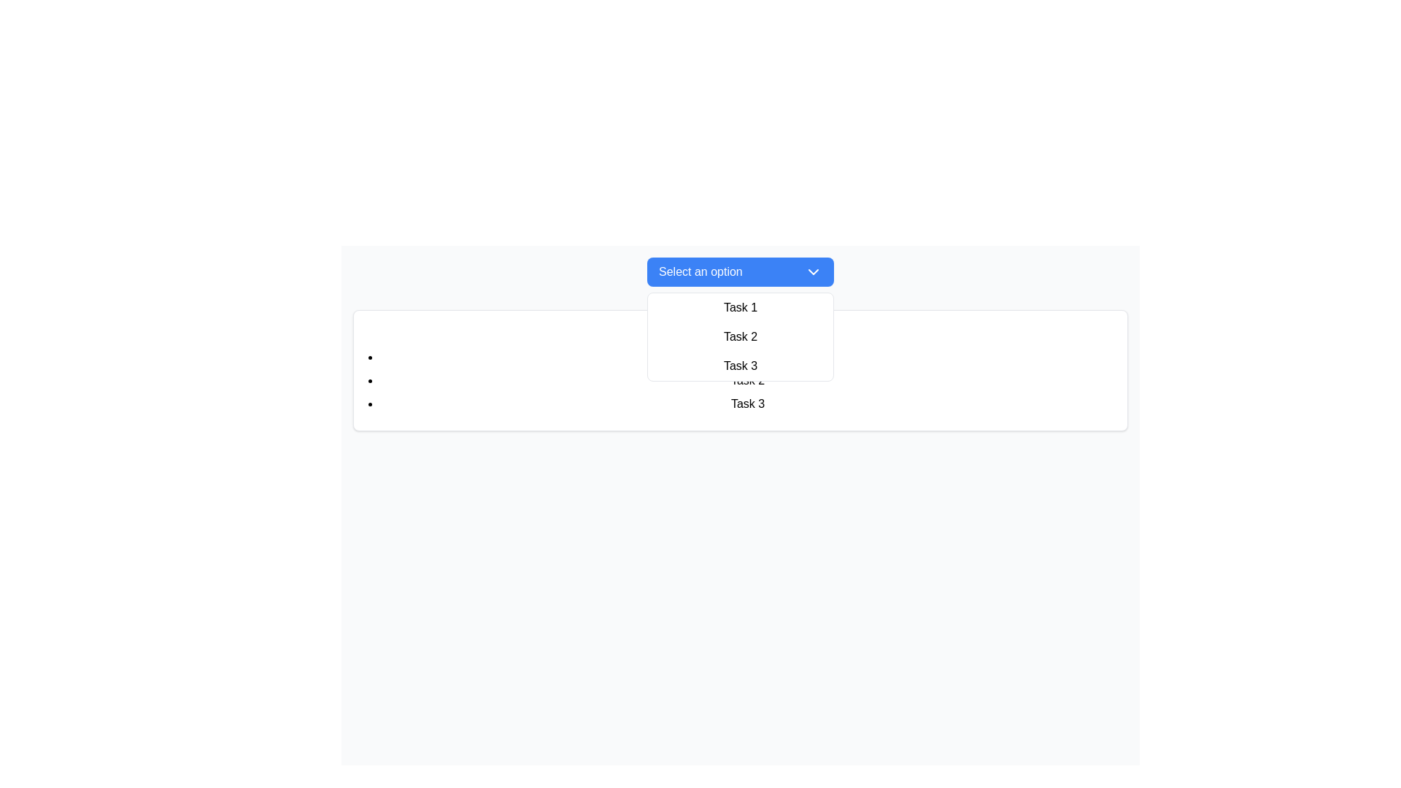 The height and width of the screenshot is (788, 1401). What do you see at coordinates (740, 332) in the screenshot?
I see `the header label that indicates the subject of the content section below` at bounding box center [740, 332].